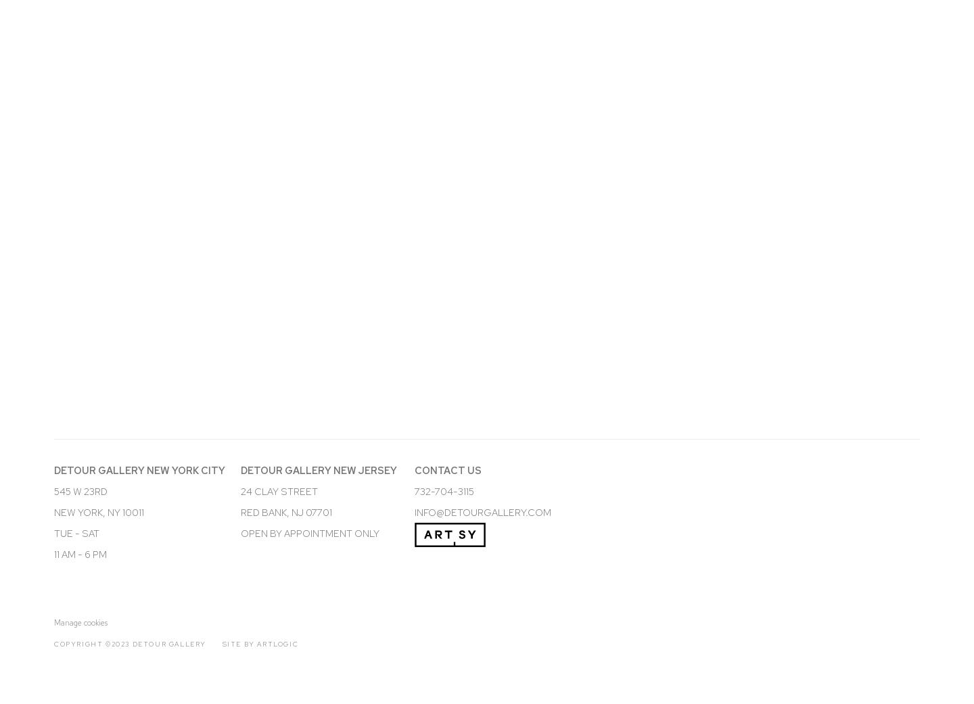 This screenshot has width=974, height=704. I want to click on '24 CLAY STREET', so click(278, 490).